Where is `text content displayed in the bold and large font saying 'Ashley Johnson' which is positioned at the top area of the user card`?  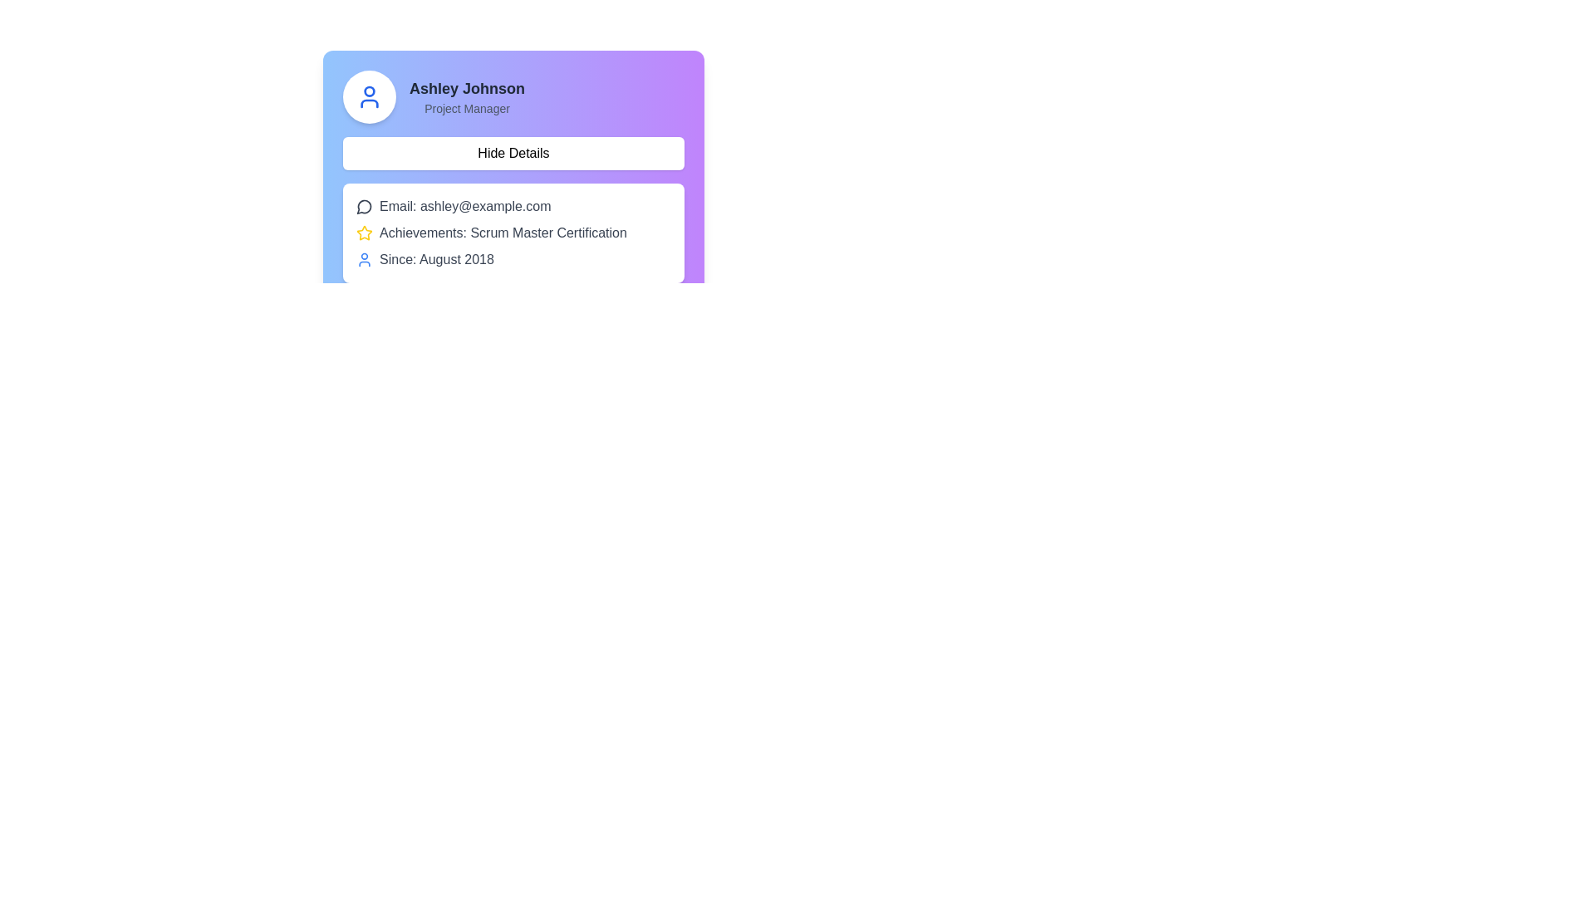 text content displayed in the bold and large font saying 'Ashley Johnson' which is positioned at the top area of the user card is located at coordinates (466, 89).